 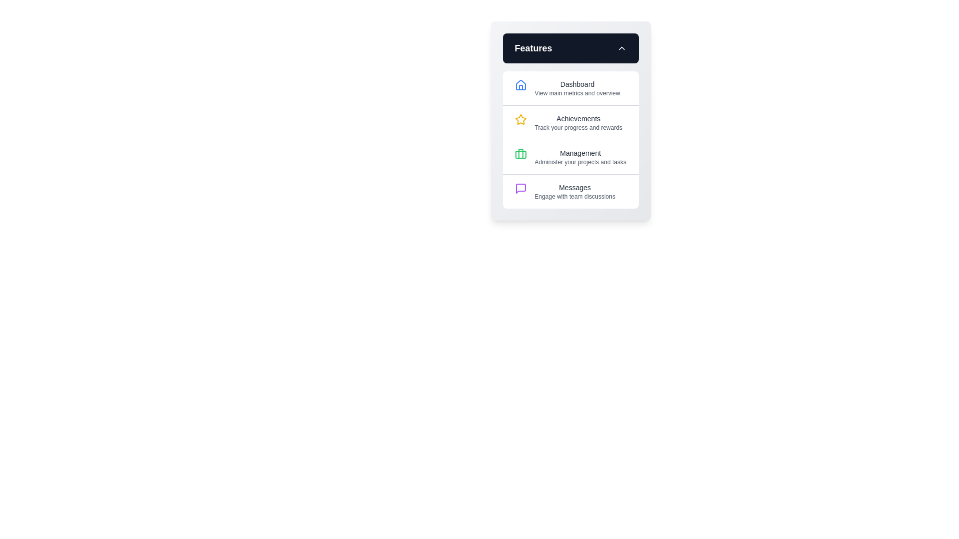 I want to click on the second clickable list item displaying a yellow star icon and the title 'Achievements' with a description 'Track your progress and rewards', so click(x=570, y=122).